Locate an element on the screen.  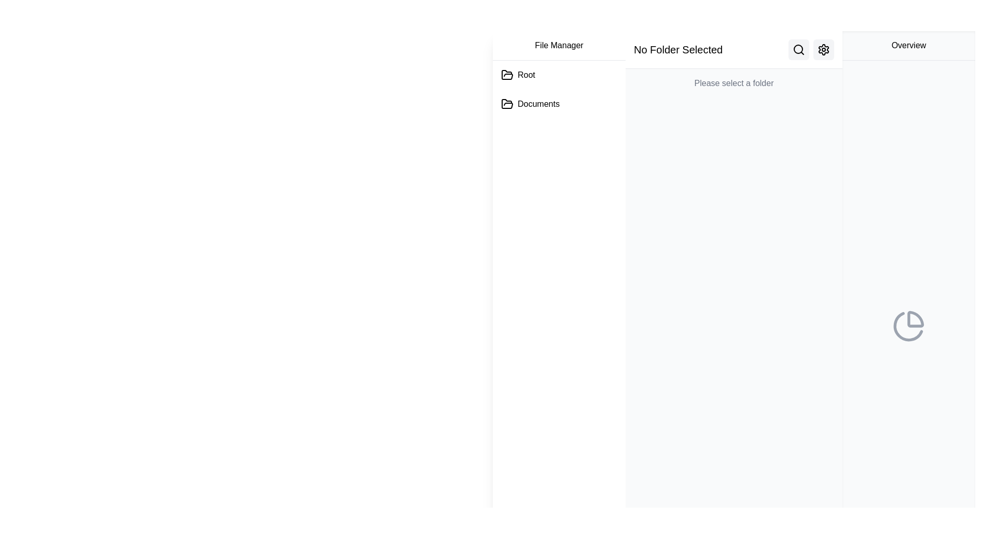
the folder-shaped icon located on the left navigation panel, positioned directly to the left of the 'Documents' text is located at coordinates (507, 104).